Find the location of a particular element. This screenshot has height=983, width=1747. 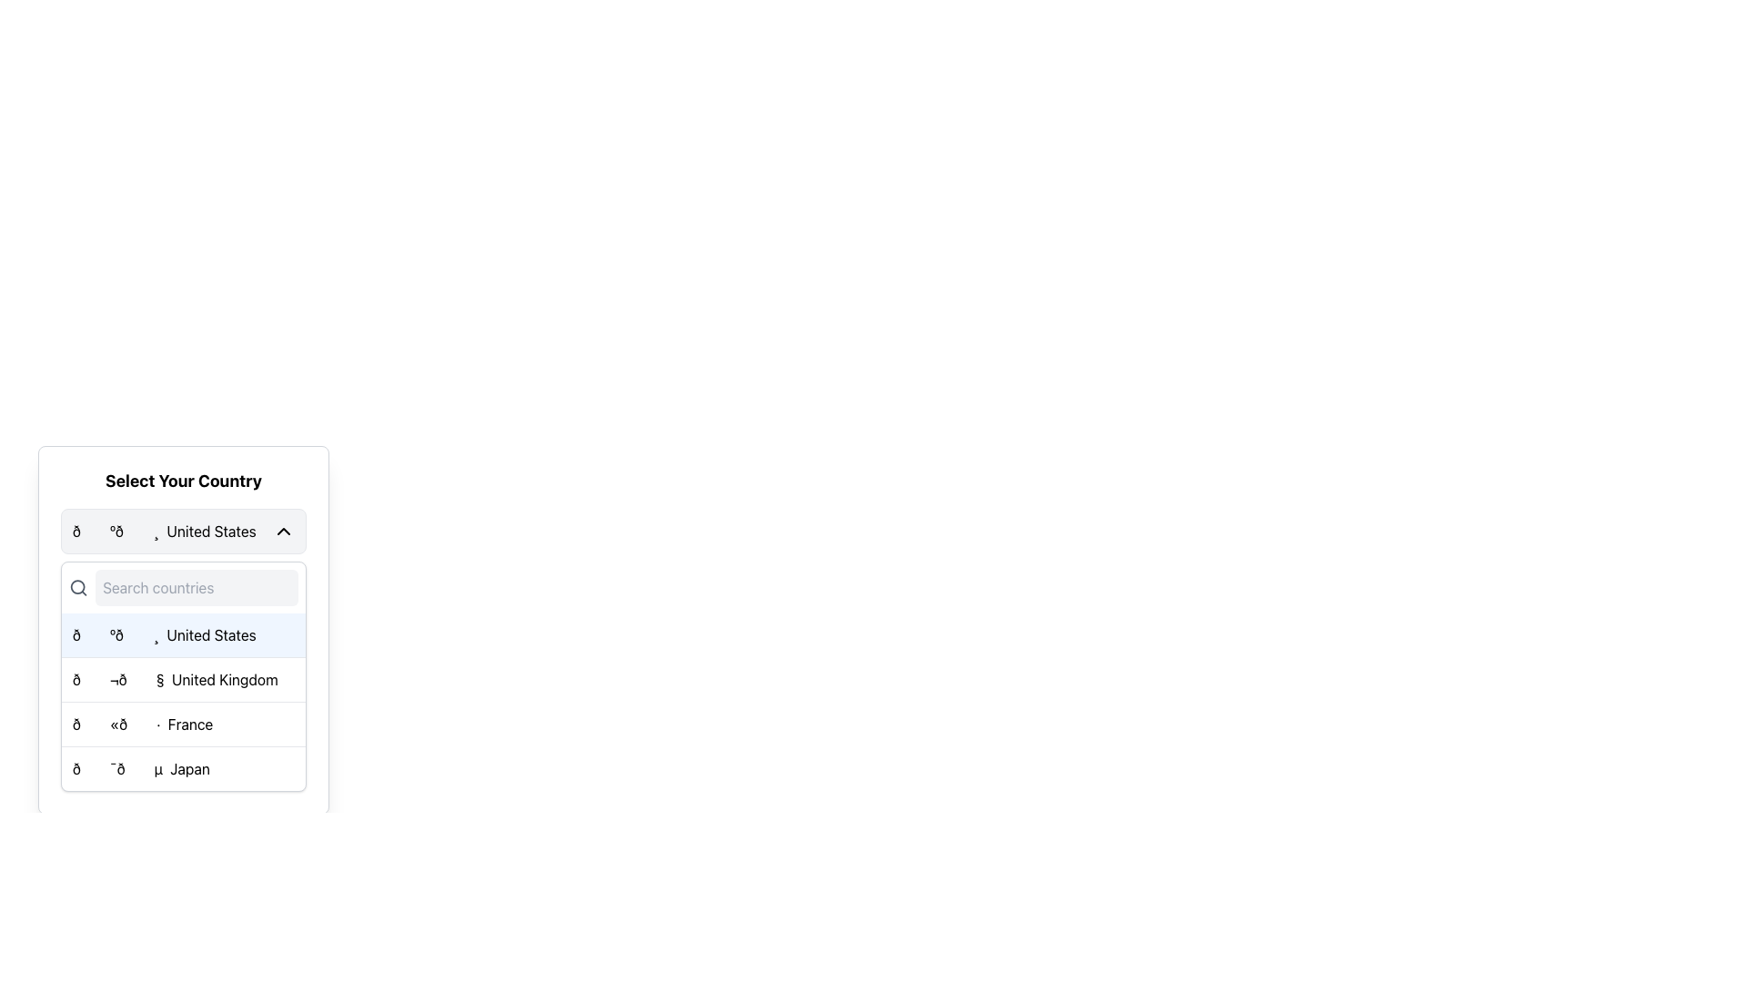

the country display element, which shows the selected country with a flag emoji and name, located in the dropdown menu under 'Select Your Country' is located at coordinates (164, 531).